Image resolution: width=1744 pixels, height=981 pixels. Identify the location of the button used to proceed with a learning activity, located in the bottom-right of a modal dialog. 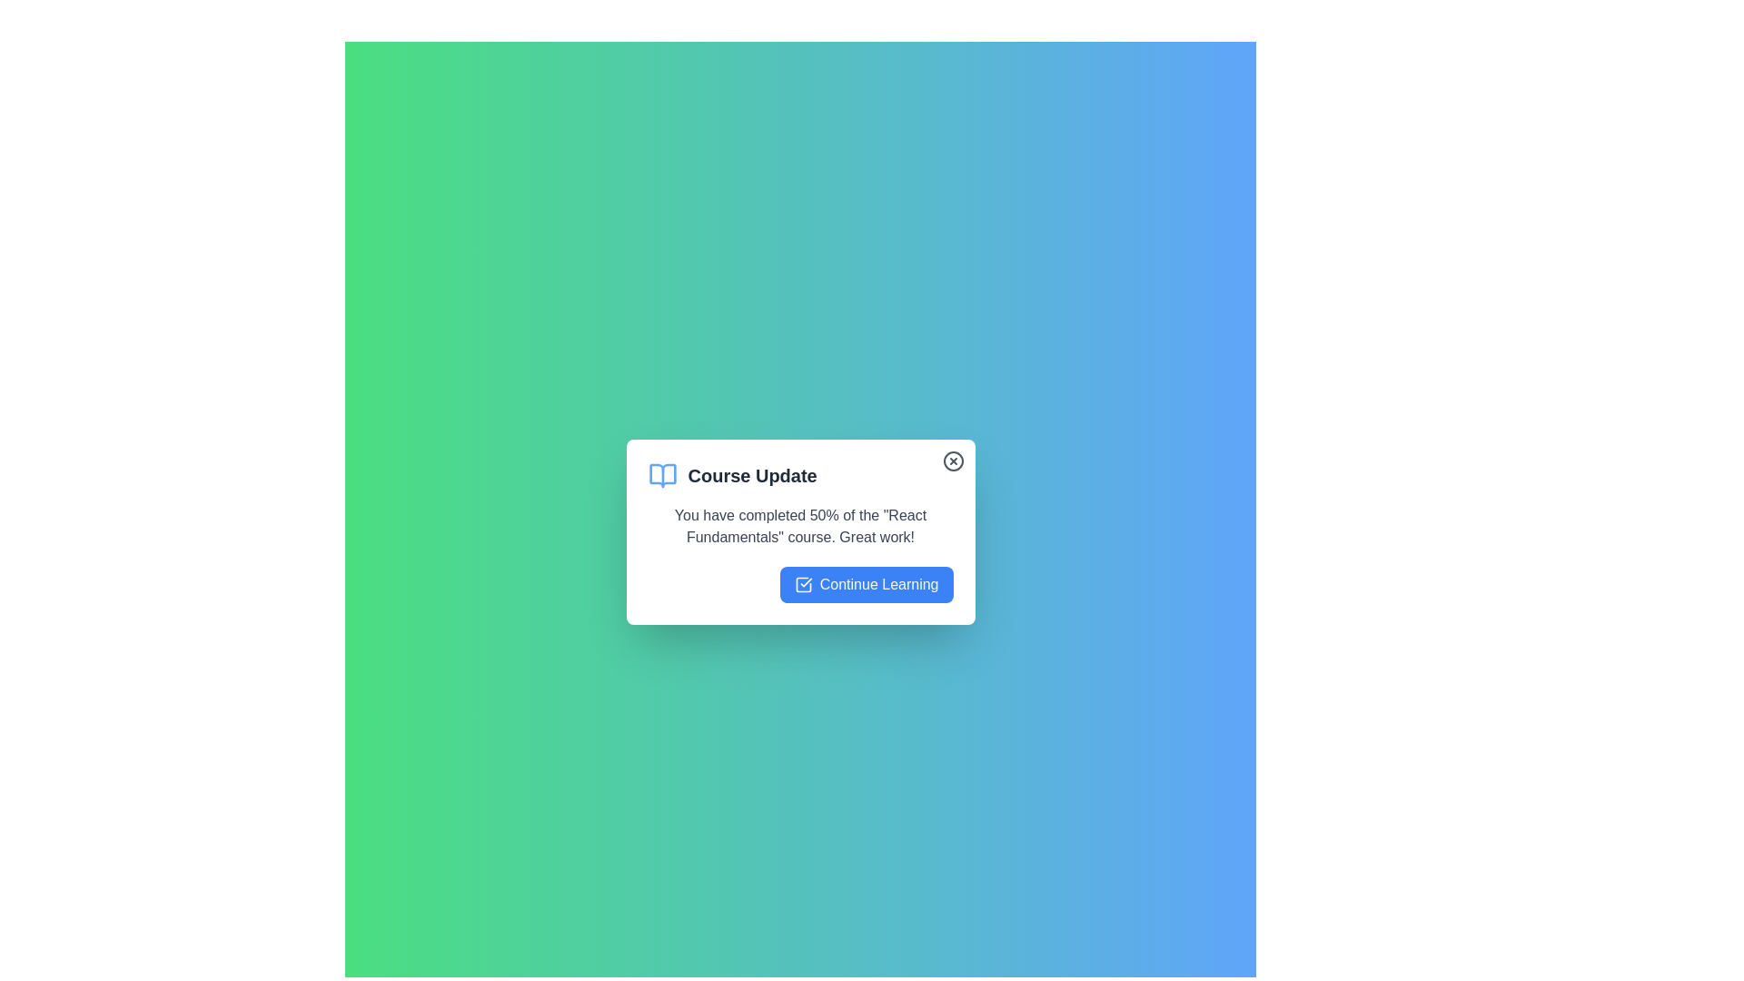
(866, 585).